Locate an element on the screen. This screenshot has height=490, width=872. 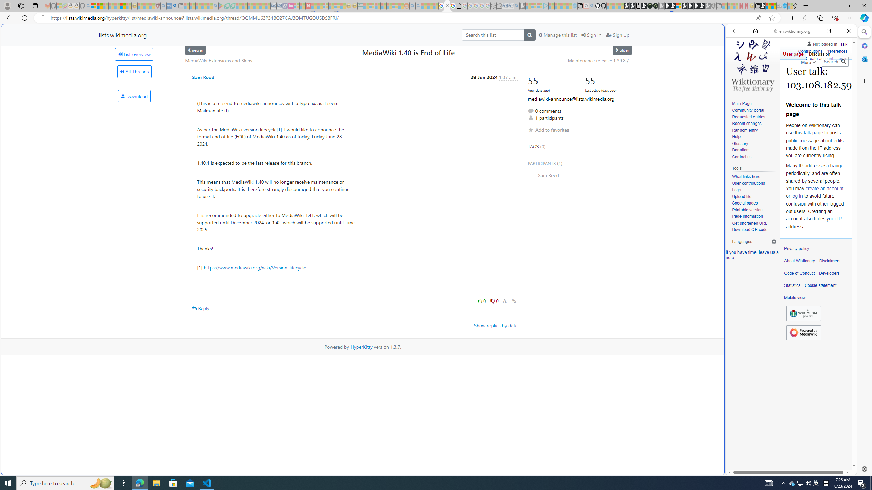
'Code of Conduct' is located at coordinates (799, 273).